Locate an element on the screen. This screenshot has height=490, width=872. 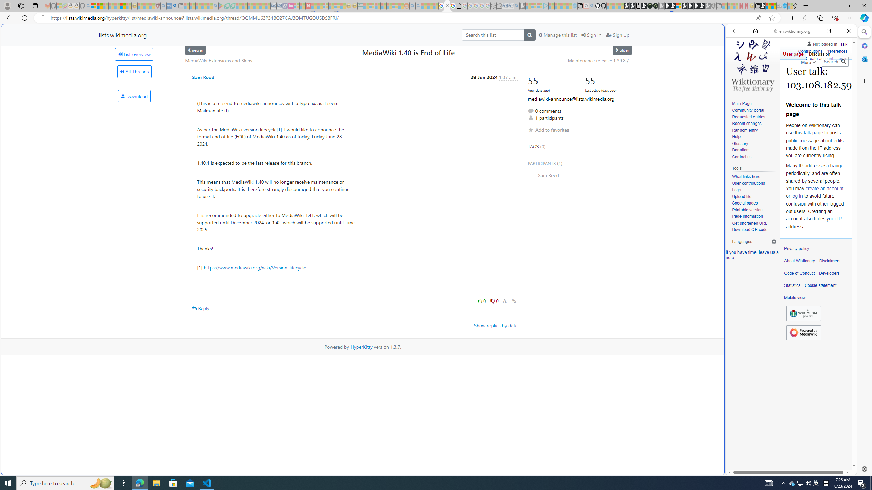
'Code of Conduct' is located at coordinates (799, 273).